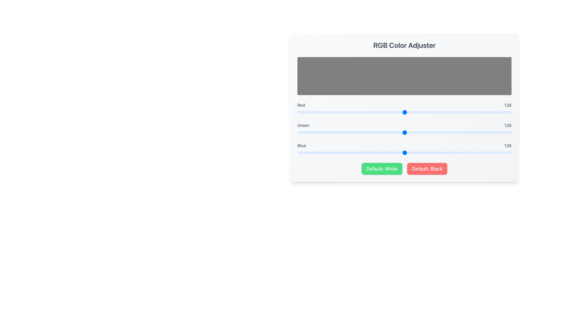  I want to click on the Red value, so click(302, 112).